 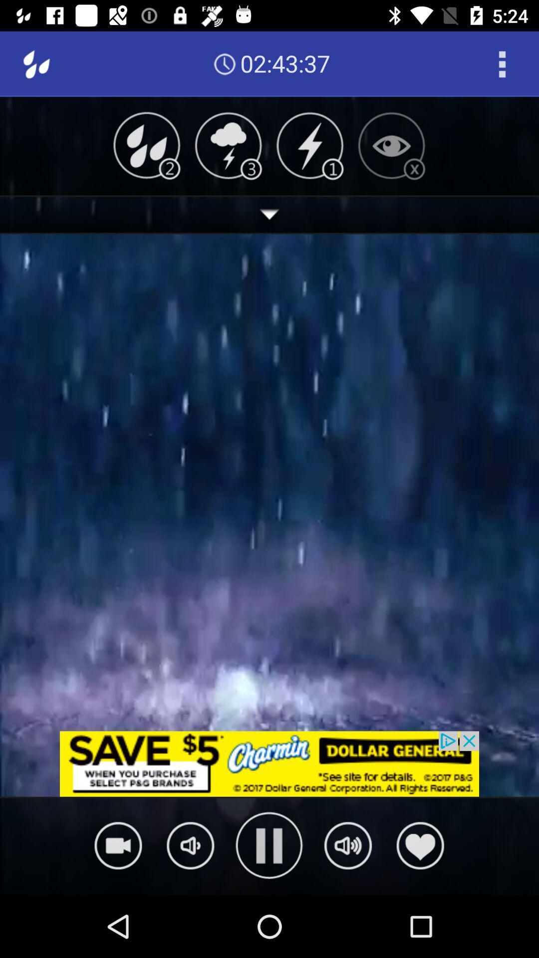 What do you see at coordinates (269, 845) in the screenshot?
I see `the pause icon` at bounding box center [269, 845].